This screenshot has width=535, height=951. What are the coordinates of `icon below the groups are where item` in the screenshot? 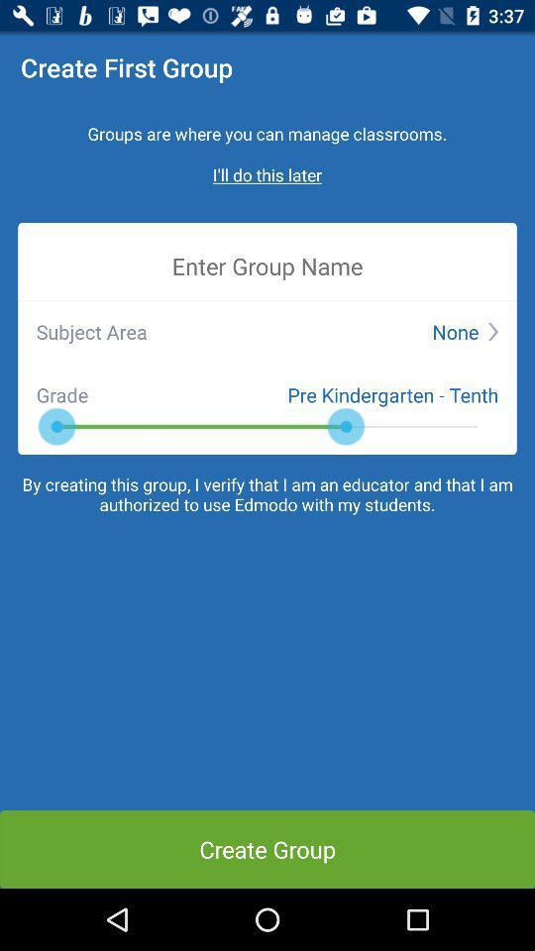 It's located at (267, 173).